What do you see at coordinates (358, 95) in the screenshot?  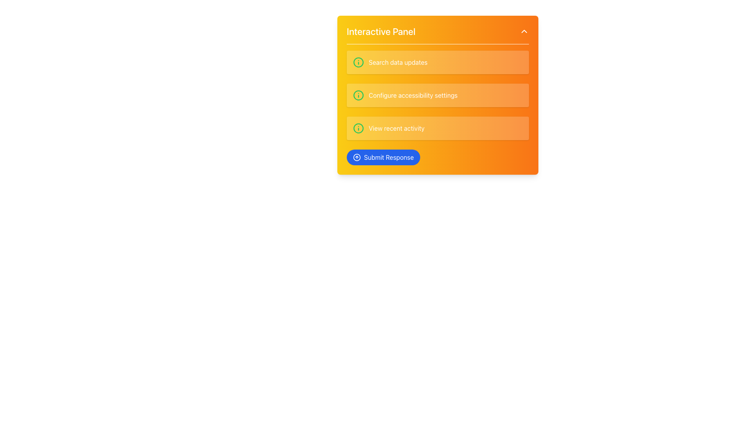 I see `the circular icon with a green outline and yellow background, which resembles an information symbol, located within the 'Configure accessibility settings' option in the Interactive Panel` at bounding box center [358, 95].